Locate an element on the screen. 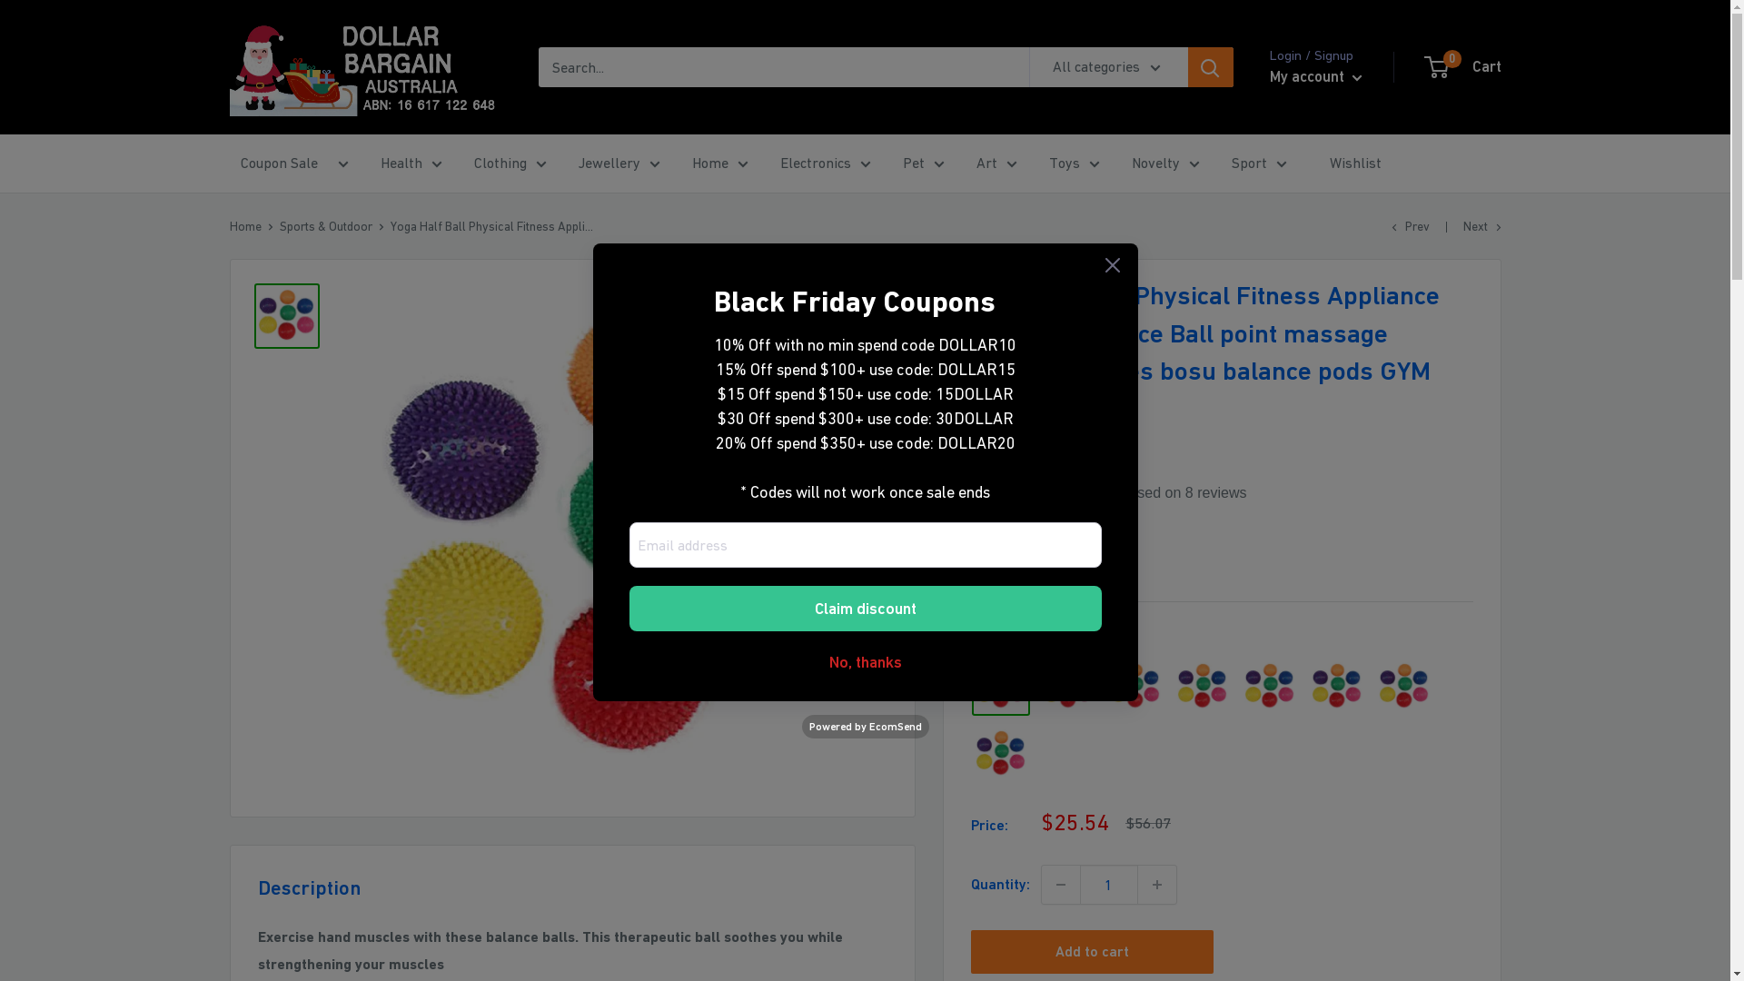  'Health' is located at coordinates (409, 163).